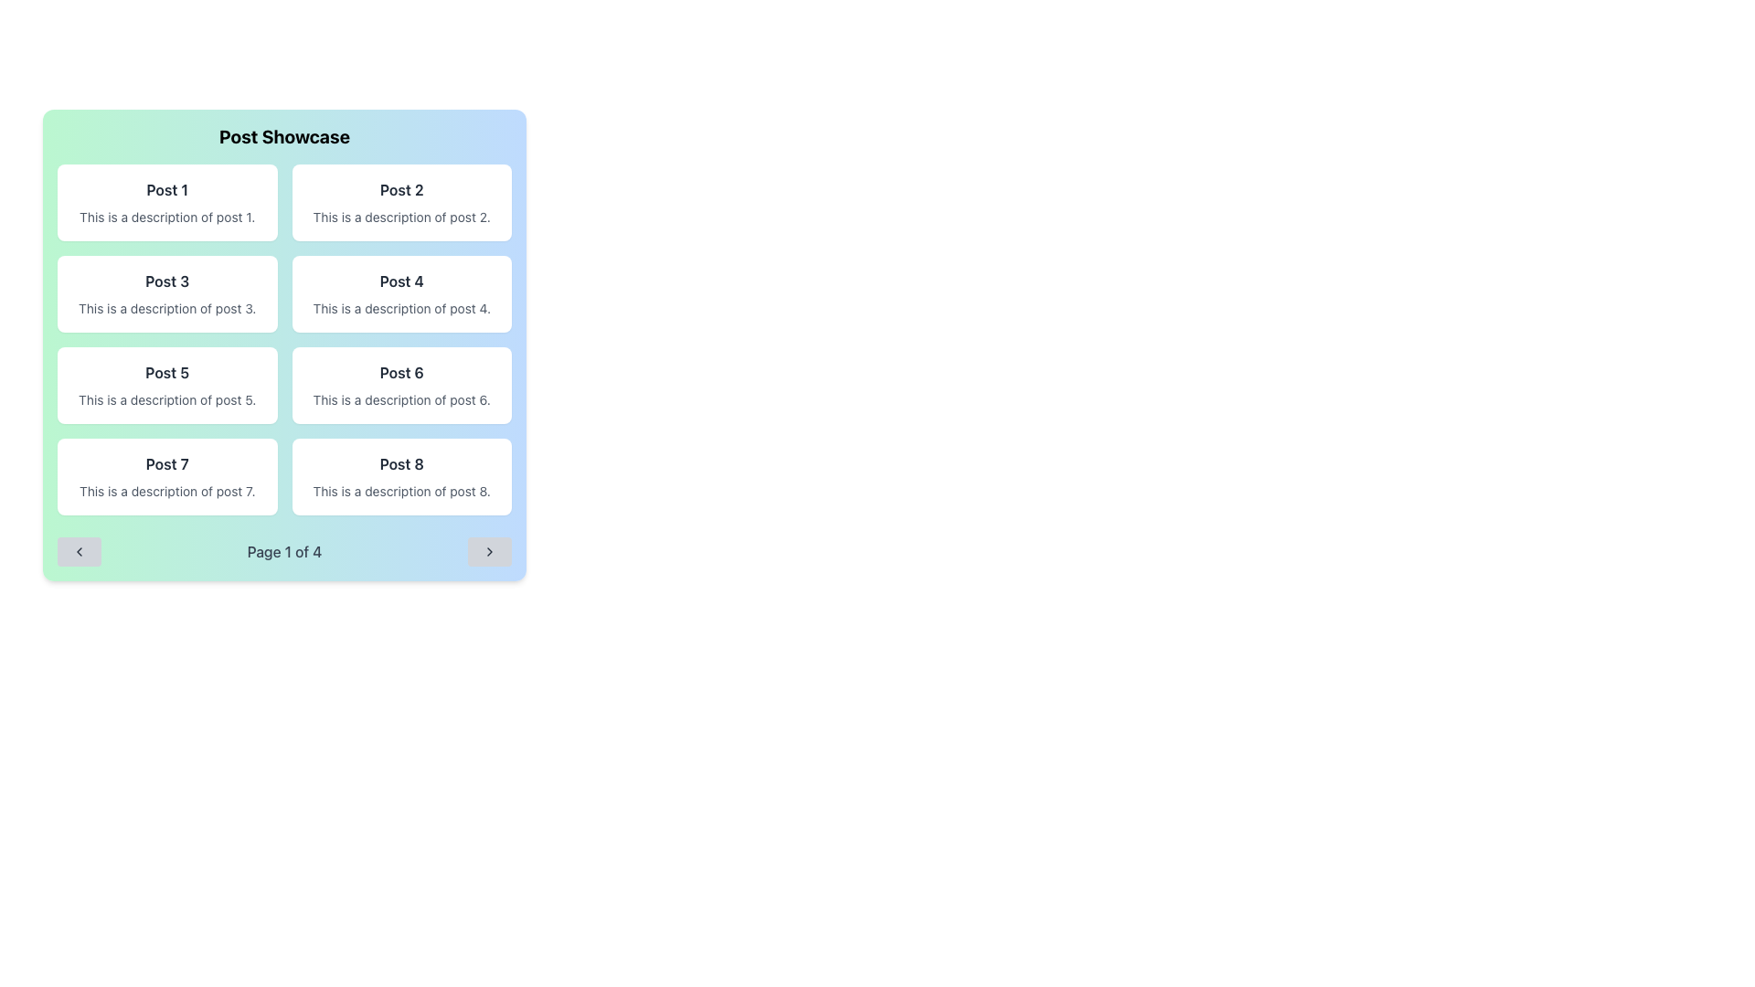  I want to click on contents of the text element styled in a smaller font and lighter gray color that contains the phrase 'This is a description of post 2.', located below the heading 'Post 2', so click(400, 217).